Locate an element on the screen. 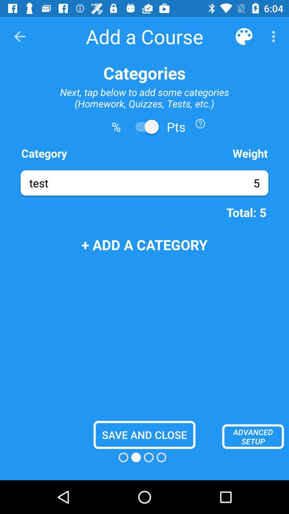 The height and width of the screenshot is (514, 289). the icon below the next tap below is located at coordinates (200, 123).